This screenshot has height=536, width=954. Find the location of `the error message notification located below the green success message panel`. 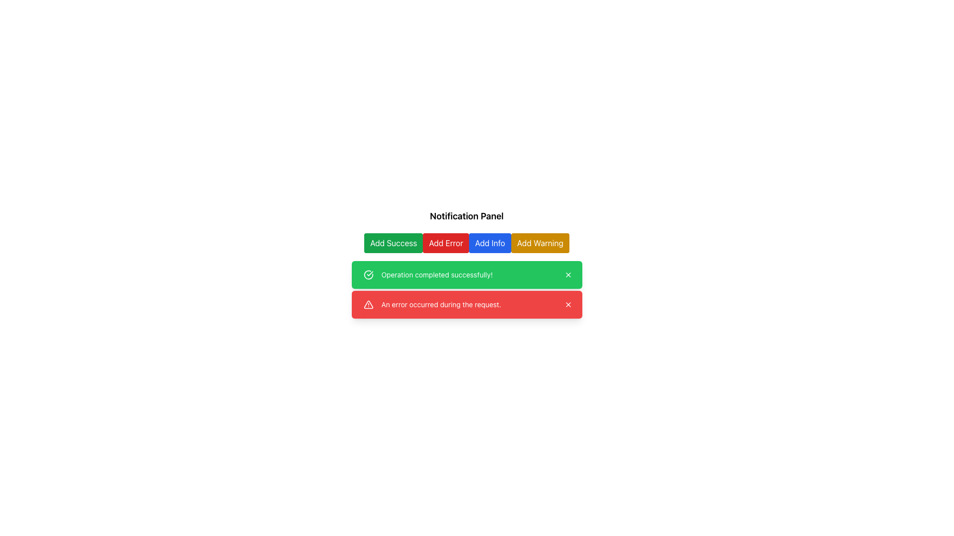

the error message notification located below the green success message panel is located at coordinates (466, 304).